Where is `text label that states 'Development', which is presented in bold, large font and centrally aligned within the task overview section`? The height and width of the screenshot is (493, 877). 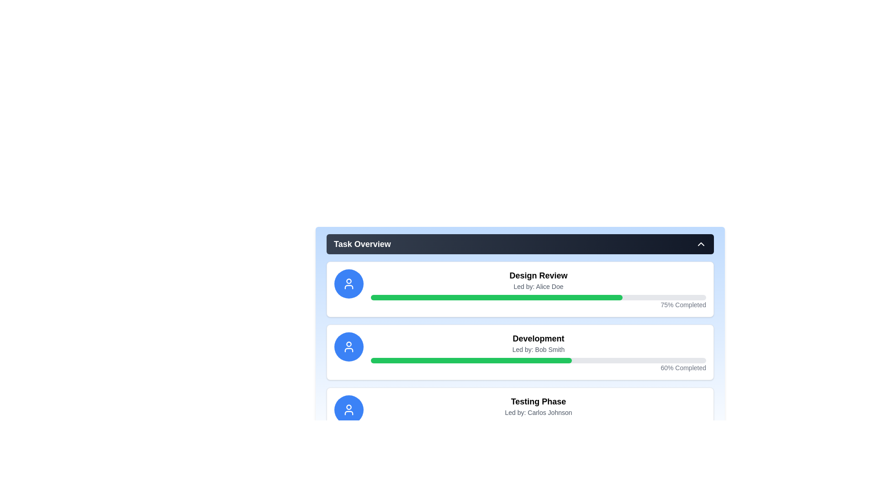
text label that states 'Development', which is presented in bold, large font and centrally aligned within the task overview section is located at coordinates (539, 338).